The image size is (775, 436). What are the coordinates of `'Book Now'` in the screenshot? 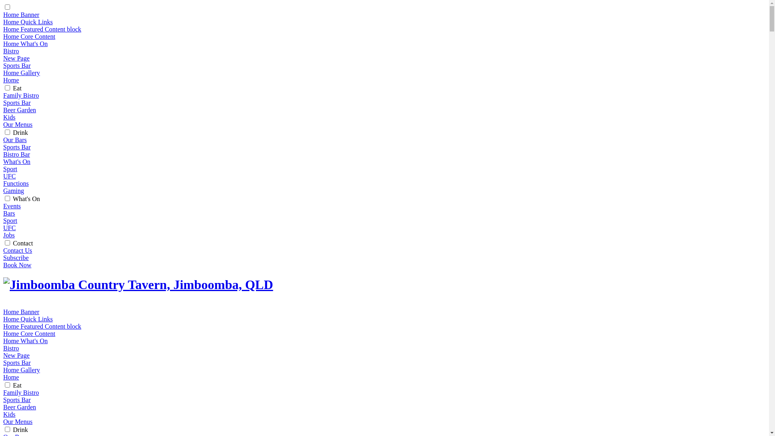 It's located at (17, 265).